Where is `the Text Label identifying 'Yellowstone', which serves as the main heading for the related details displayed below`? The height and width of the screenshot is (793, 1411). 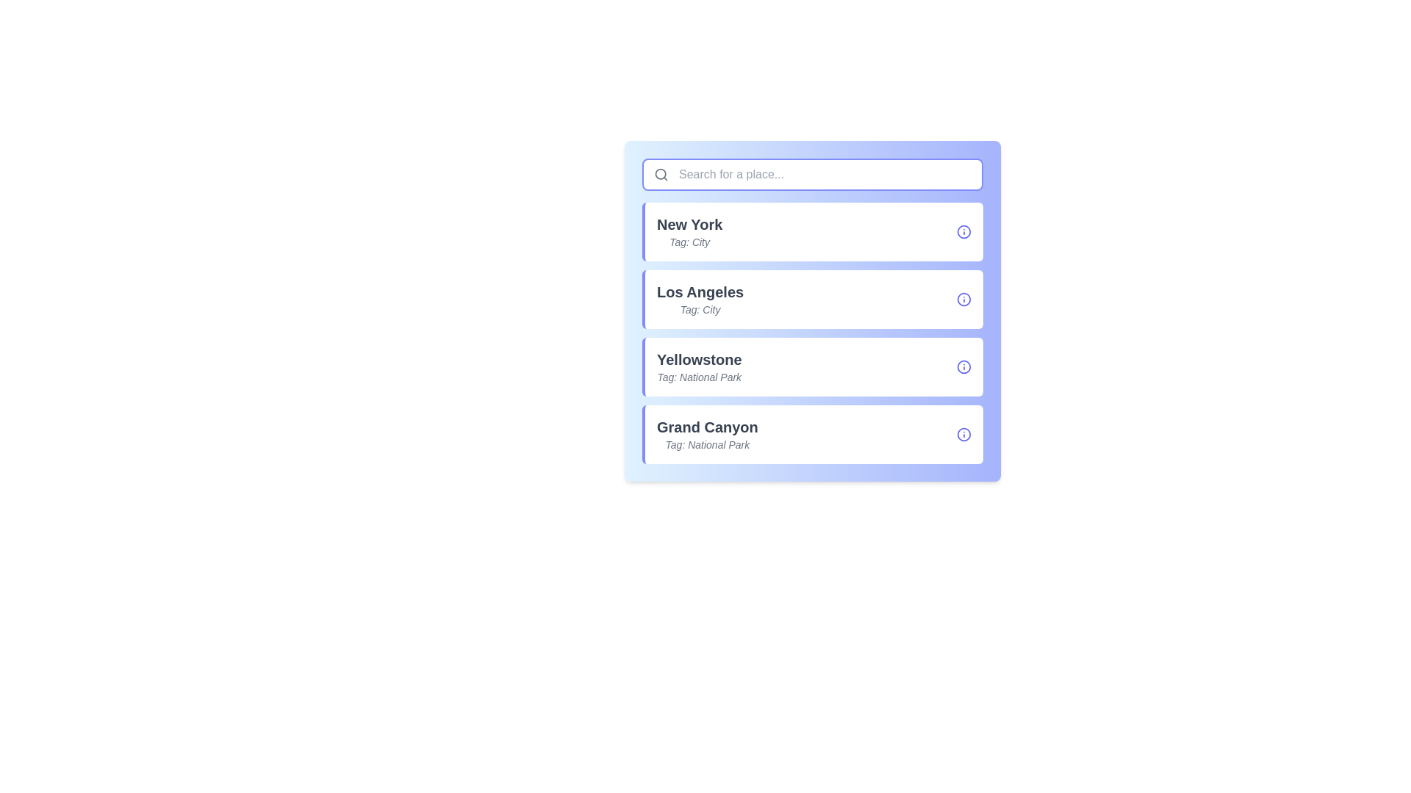 the Text Label identifying 'Yellowstone', which serves as the main heading for the related details displayed below is located at coordinates (698, 359).